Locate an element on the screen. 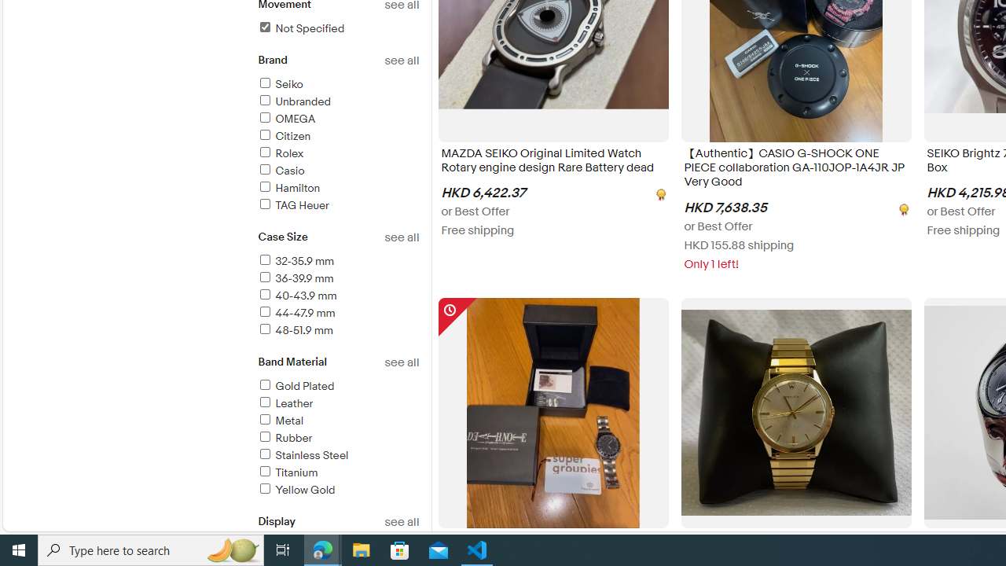 This screenshot has height=566, width=1006. 'Citizen' is located at coordinates (283, 135).